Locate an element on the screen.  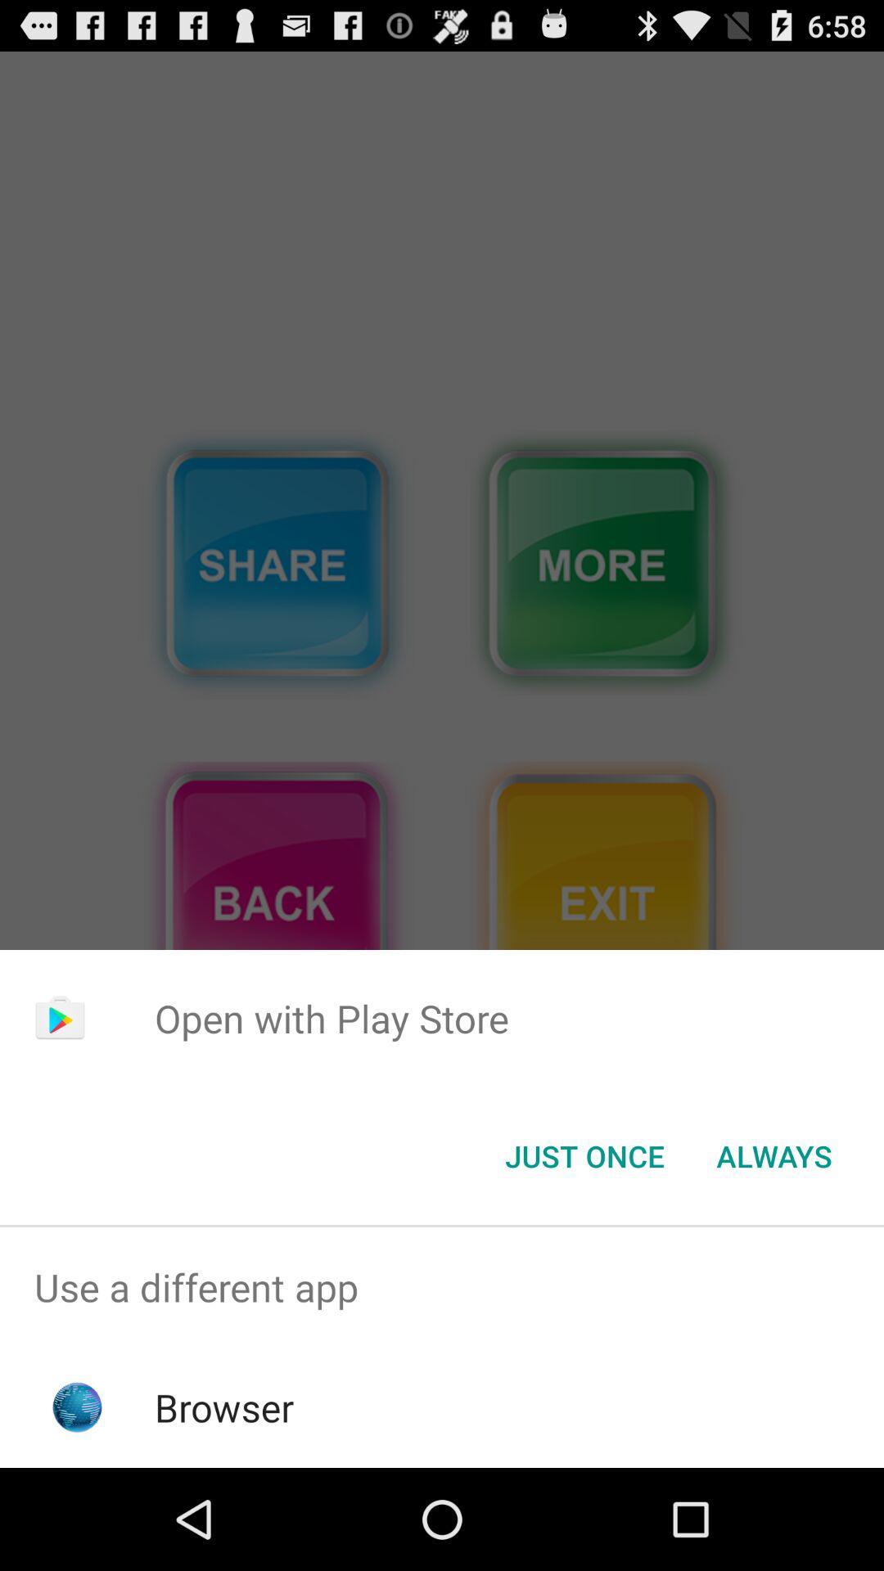
use a different is located at coordinates (442, 1286).